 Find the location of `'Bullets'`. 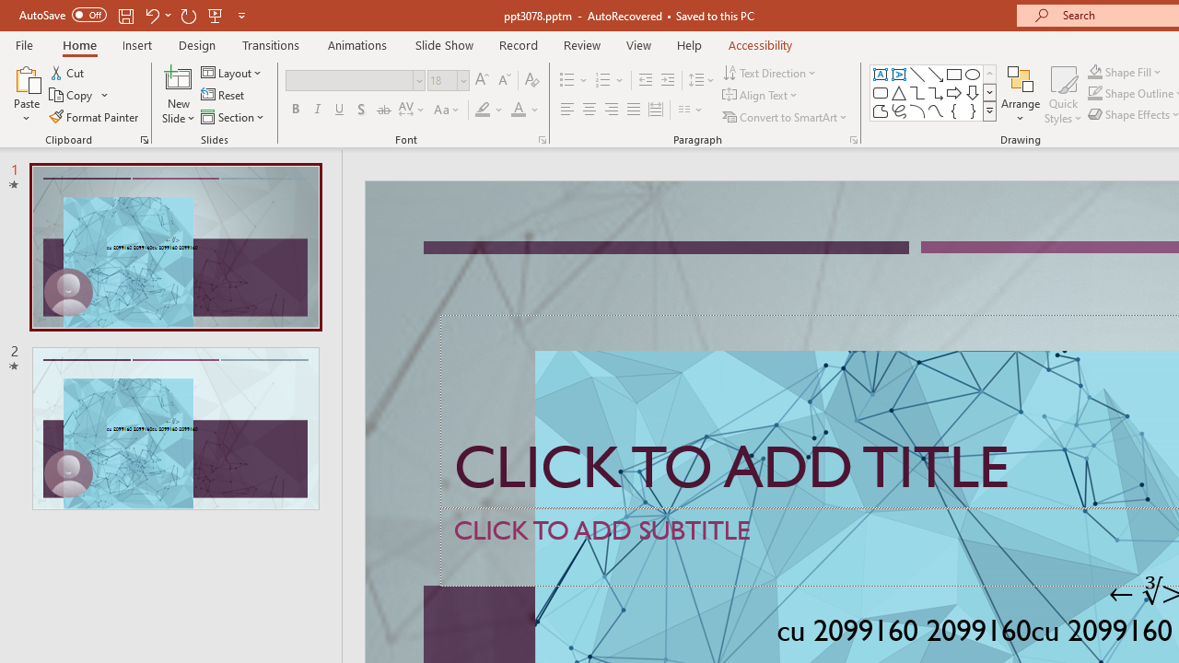

'Bullets' is located at coordinates (566, 79).